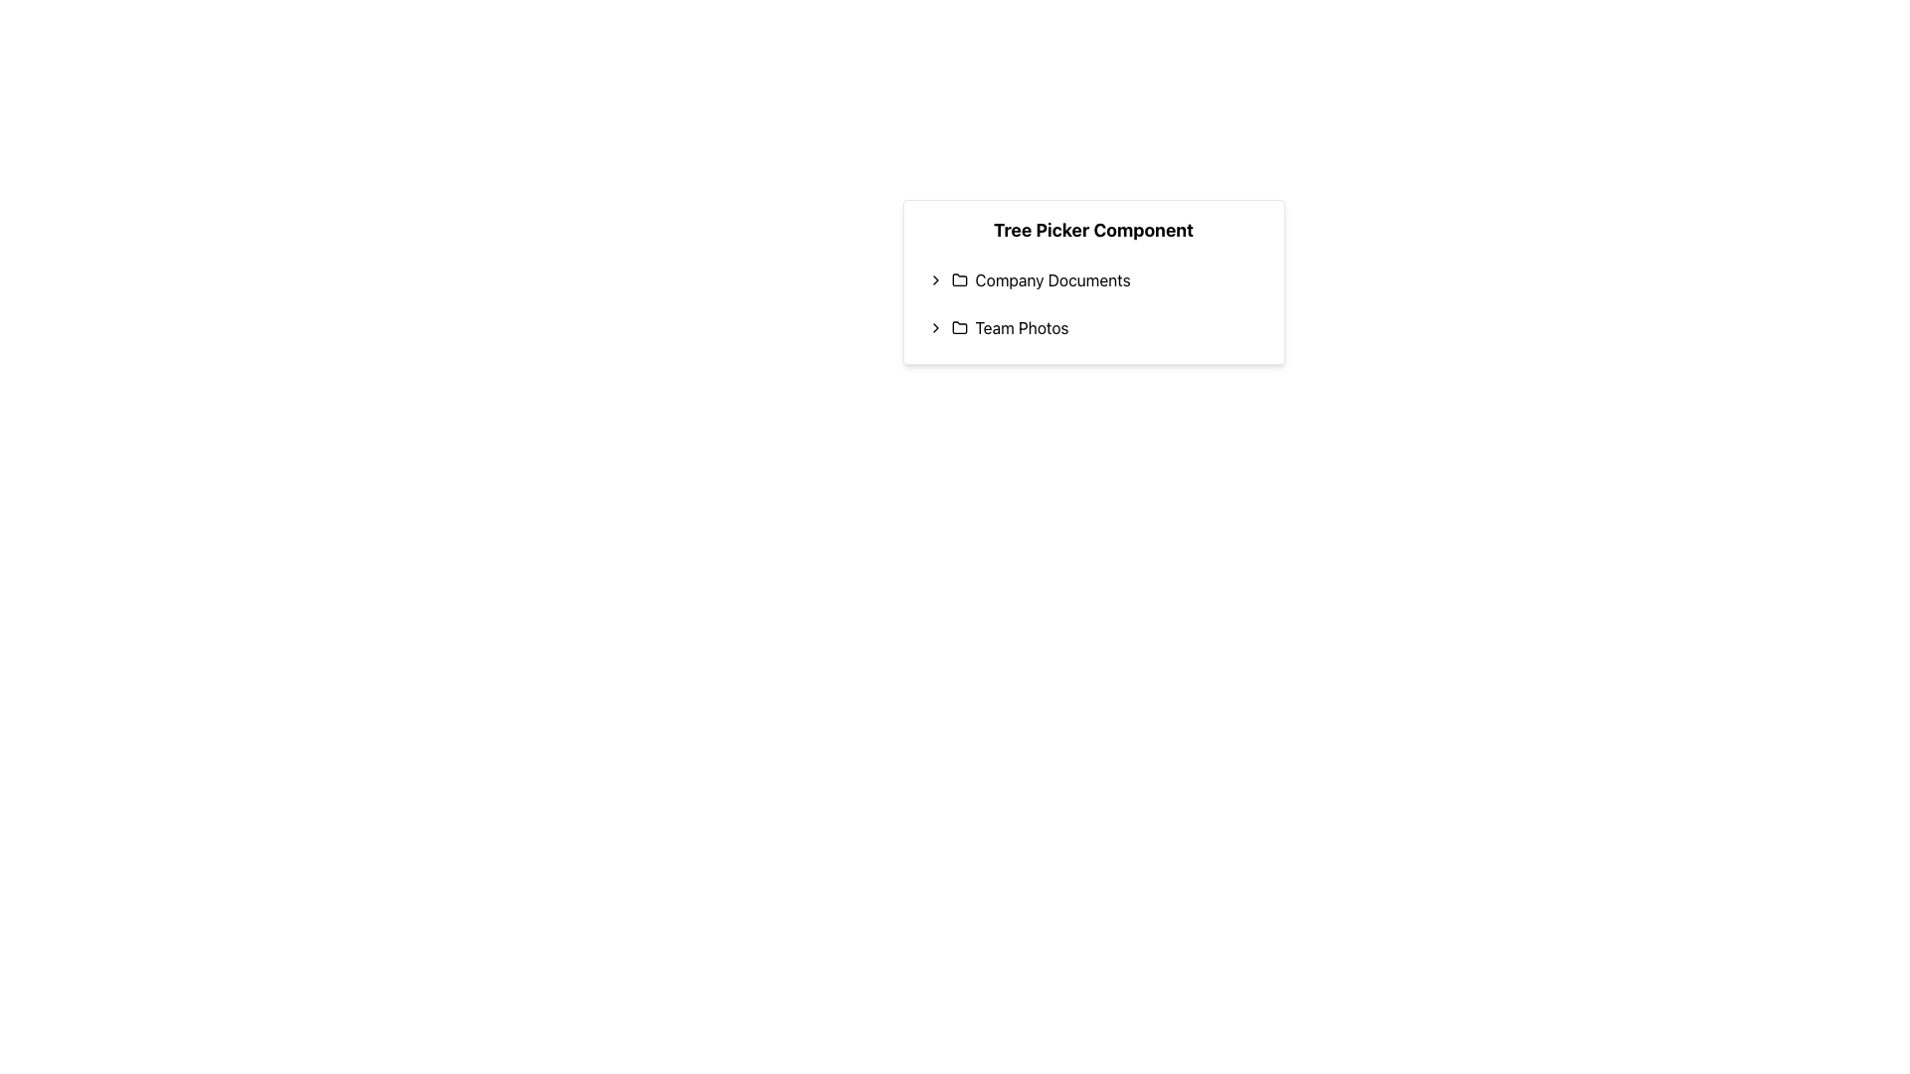 Image resolution: width=1910 pixels, height=1074 pixels. I want to click on the second folder icon in the tree picker component, so click(959, 326).